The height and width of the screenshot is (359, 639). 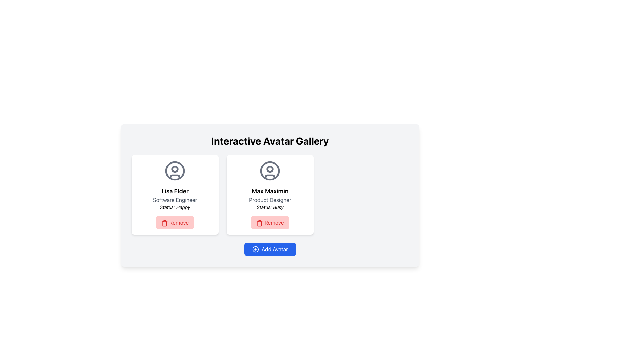 I want to click on the gray user profile icon above the text section labeled 'Max Maximin Product Designer Status: Busy' in the user card for Max Maximin, so click(x=270, y=170).